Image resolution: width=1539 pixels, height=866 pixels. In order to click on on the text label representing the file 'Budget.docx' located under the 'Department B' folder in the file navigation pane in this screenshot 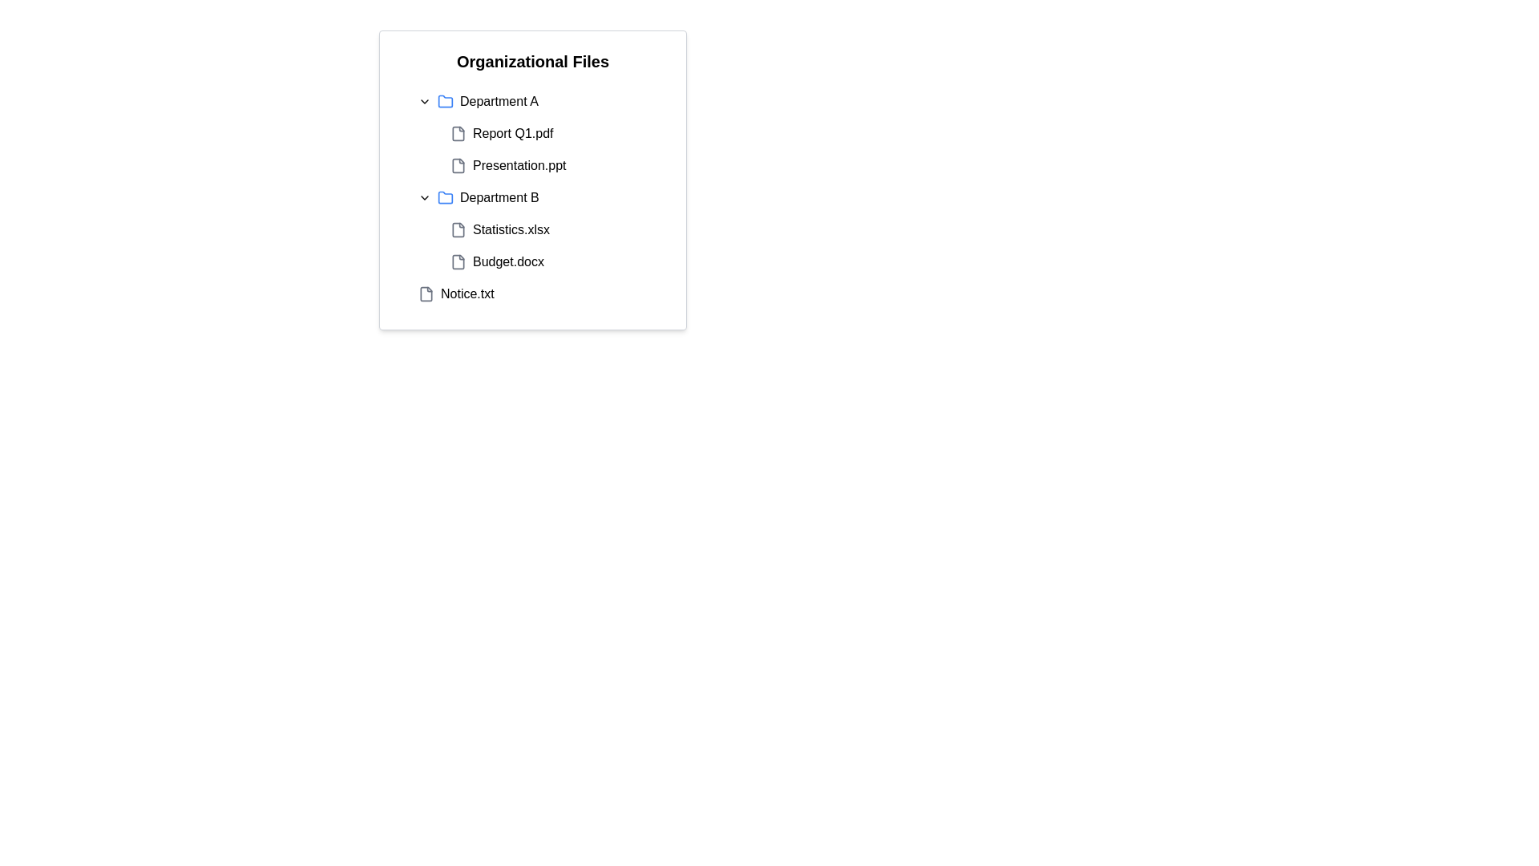, I will do `click(507, 261)`.